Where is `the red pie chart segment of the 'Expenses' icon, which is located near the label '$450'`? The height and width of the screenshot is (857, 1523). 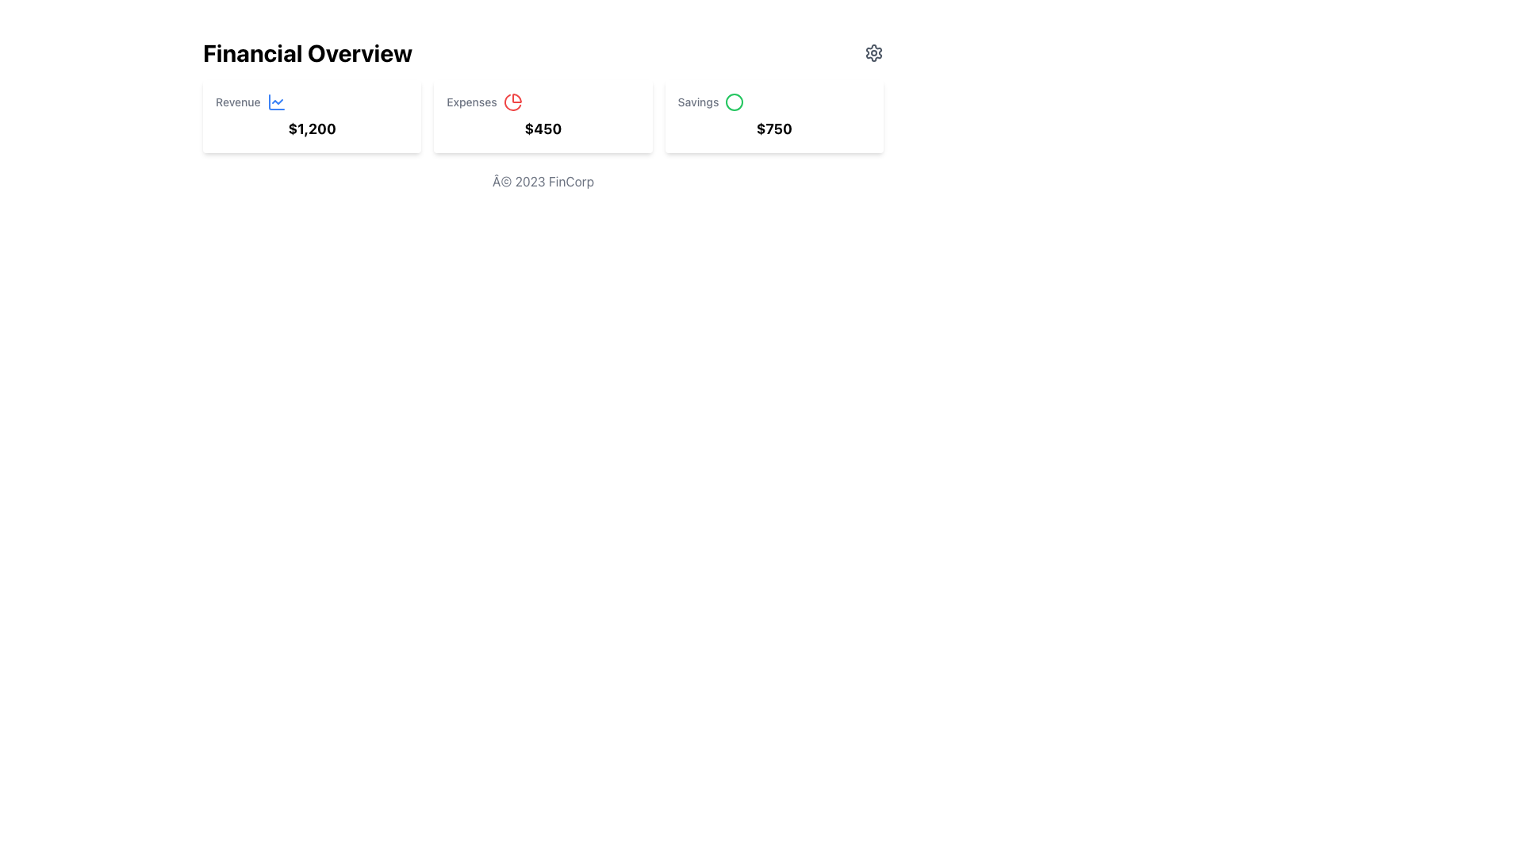 the red pie chart segment of the 'Expenses' icon, which is located near the label '$450' is located at coordinates (512, 102).